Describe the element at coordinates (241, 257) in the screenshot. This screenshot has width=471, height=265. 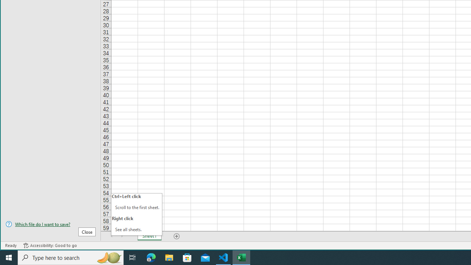
I see `'Excel - 1 running window'` at that location.